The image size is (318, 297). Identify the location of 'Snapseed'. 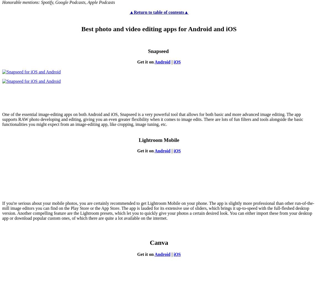
(159, 51).